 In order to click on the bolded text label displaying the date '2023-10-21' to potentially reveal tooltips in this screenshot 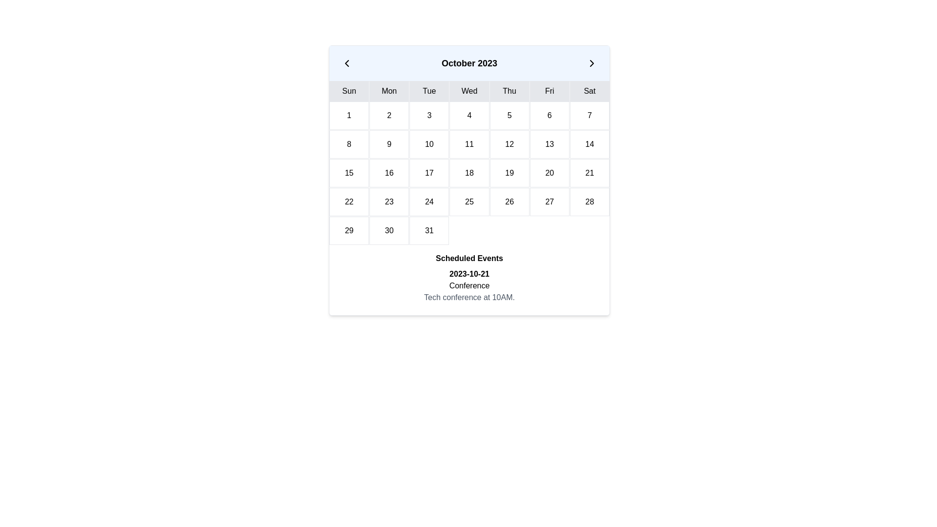, I will do `click(469, 274)`.